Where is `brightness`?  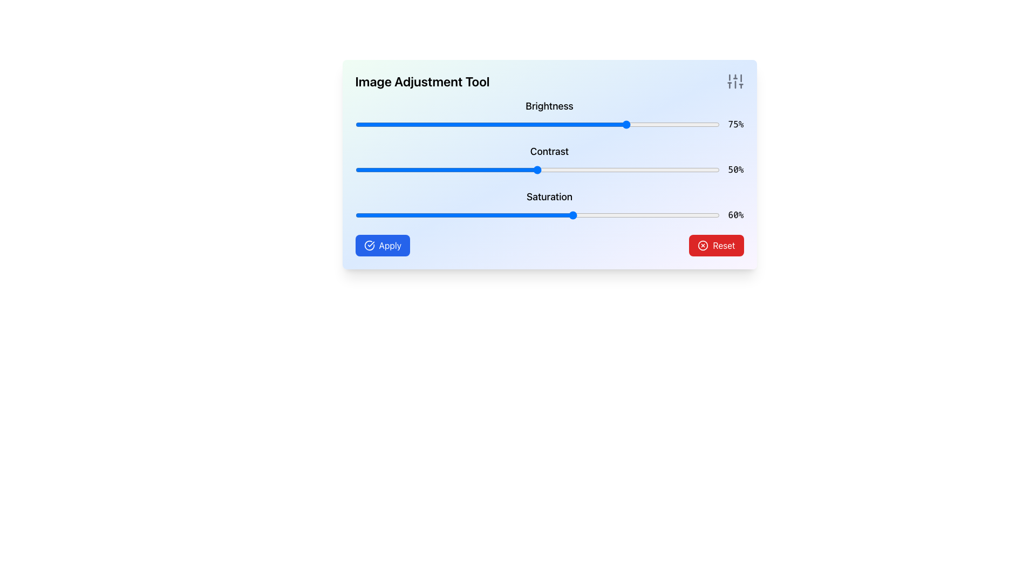 brightness is located at coordinates (359, 124).